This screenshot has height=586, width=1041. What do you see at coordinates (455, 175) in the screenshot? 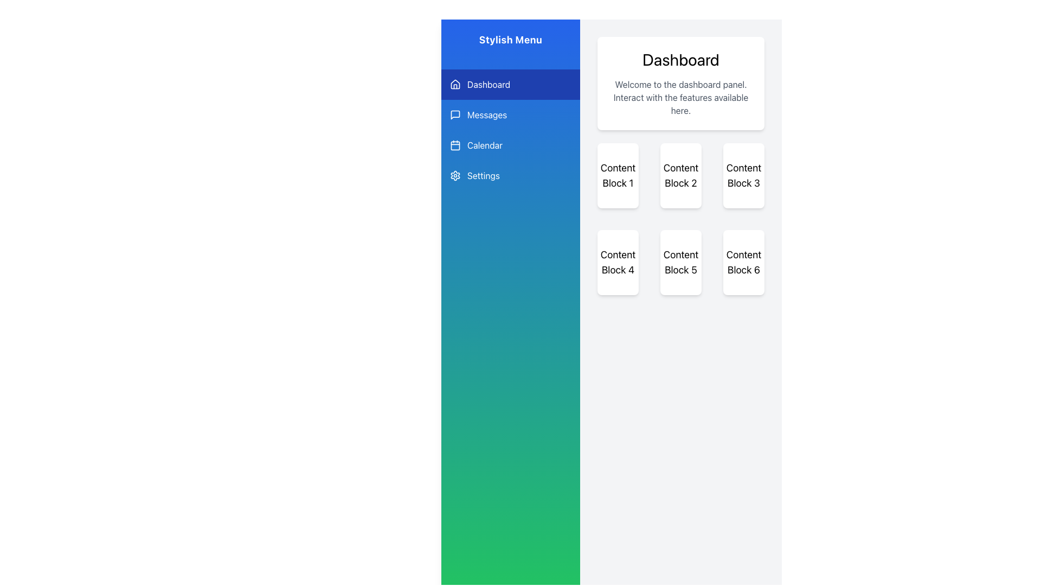
I see `the small settings icon featuring a gear-like shape with a blue background and white outlines, which is located to the left of the 'Settings' text in the fourth item of the vertical menu in the left sidebar` at bounding box center [455, 175].